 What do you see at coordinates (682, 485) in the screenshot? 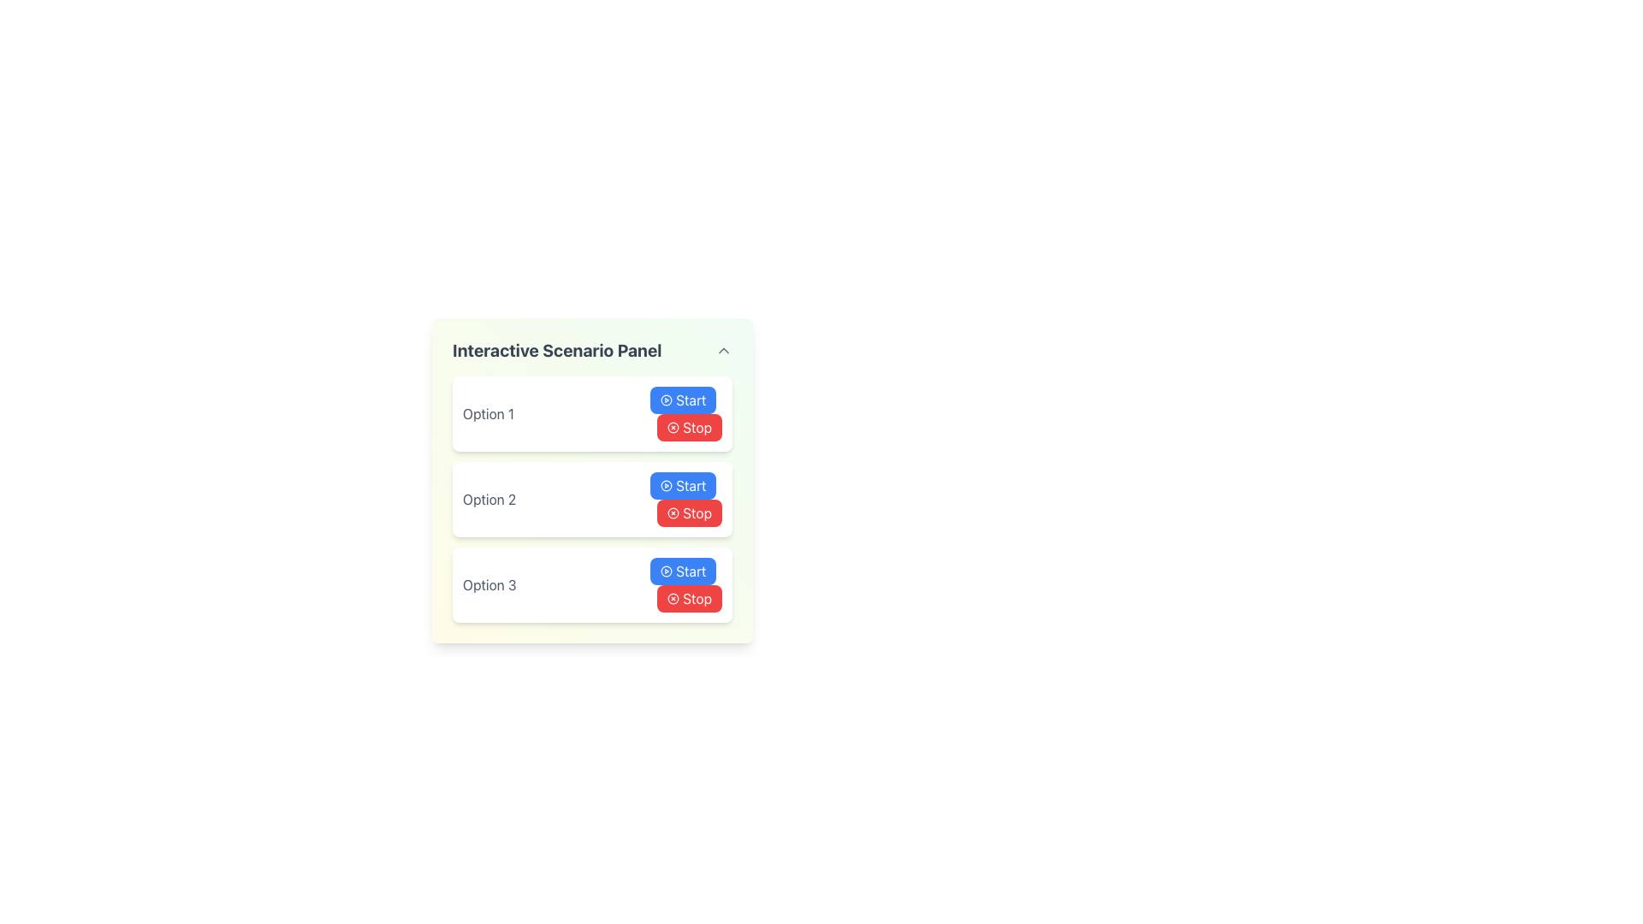
I see `the 'Start' button, which is a rounded rectangular button with a blue background and white text, featuring a small play icon on the left side, located in the second row of the 'Interactive Scenario Panel'` at bounding box center [682, 485].